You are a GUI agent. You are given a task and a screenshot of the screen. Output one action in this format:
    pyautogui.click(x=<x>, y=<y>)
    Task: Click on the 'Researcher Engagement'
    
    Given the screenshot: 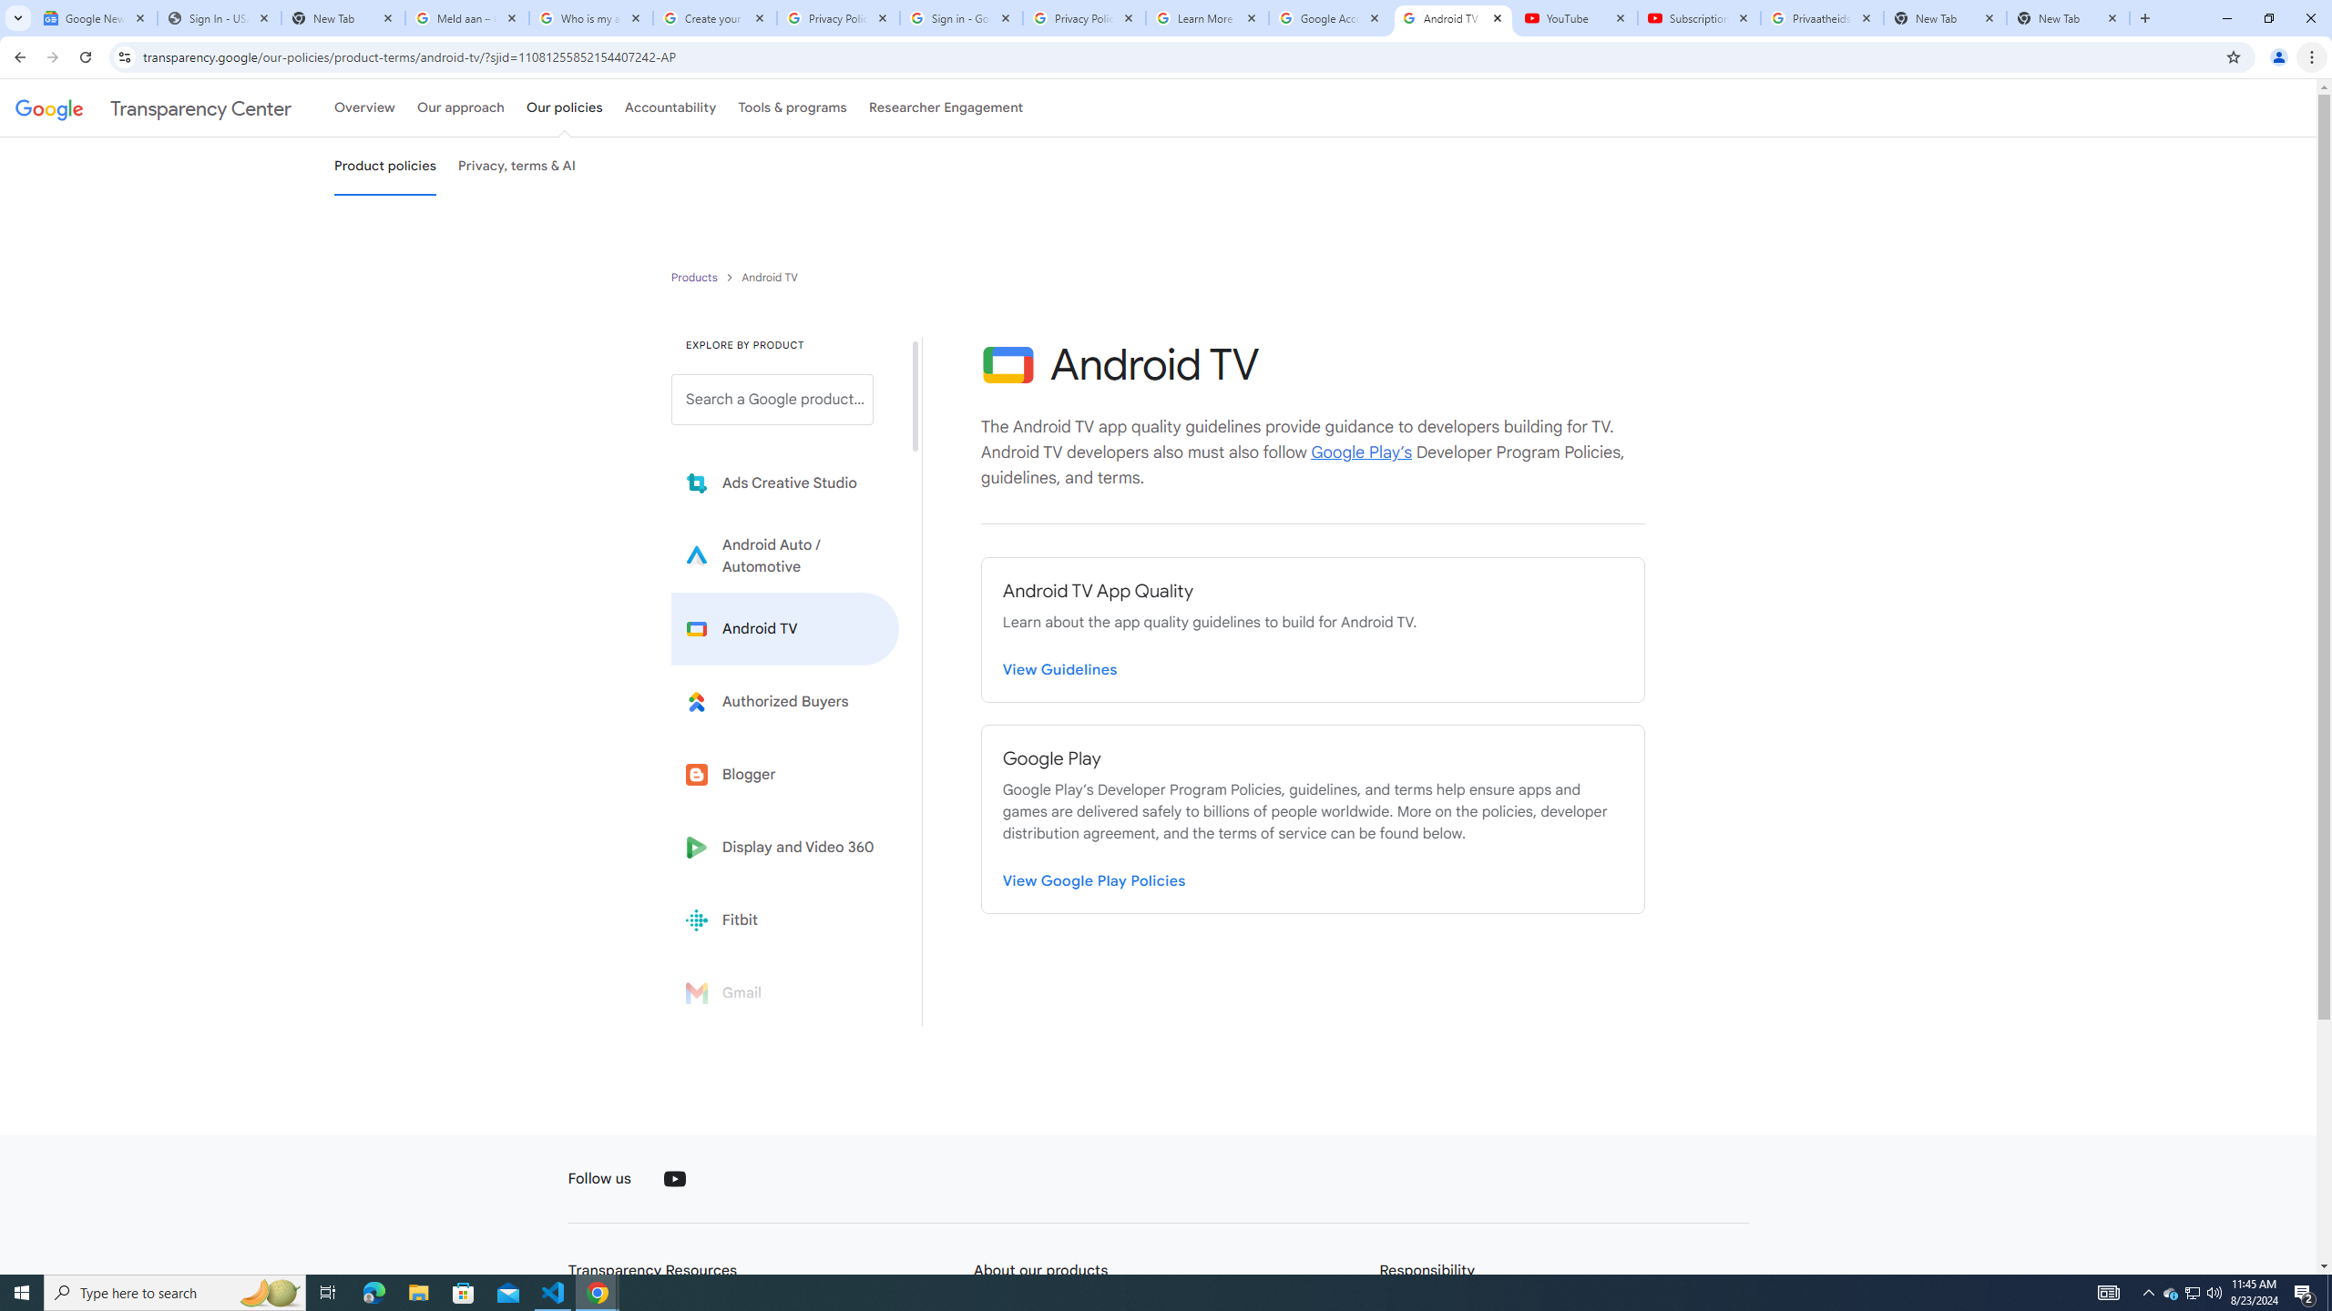 What is the action you would take?
    pyautogui.click(x=946, y=107)
    